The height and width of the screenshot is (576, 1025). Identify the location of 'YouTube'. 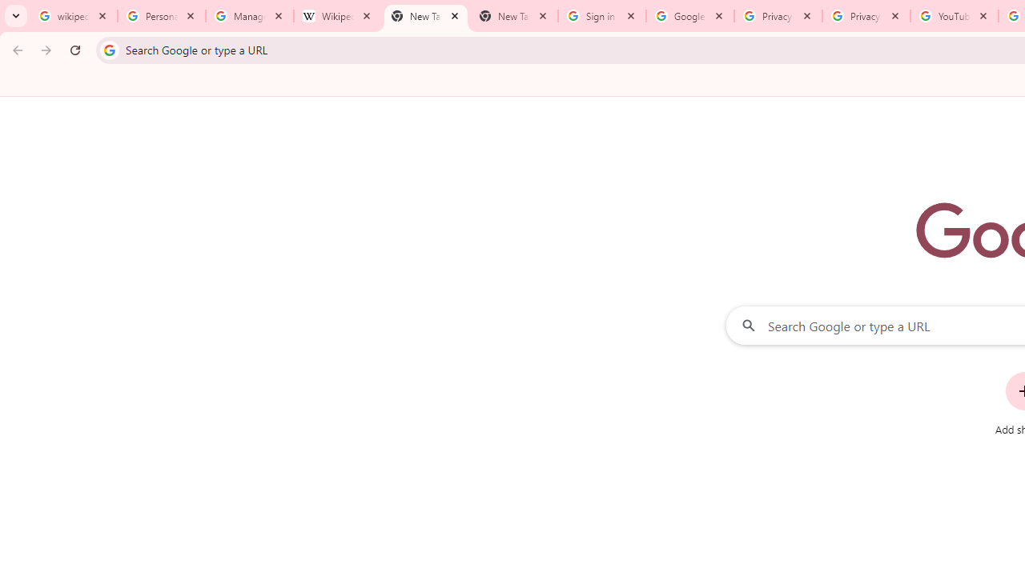
(954, 16).